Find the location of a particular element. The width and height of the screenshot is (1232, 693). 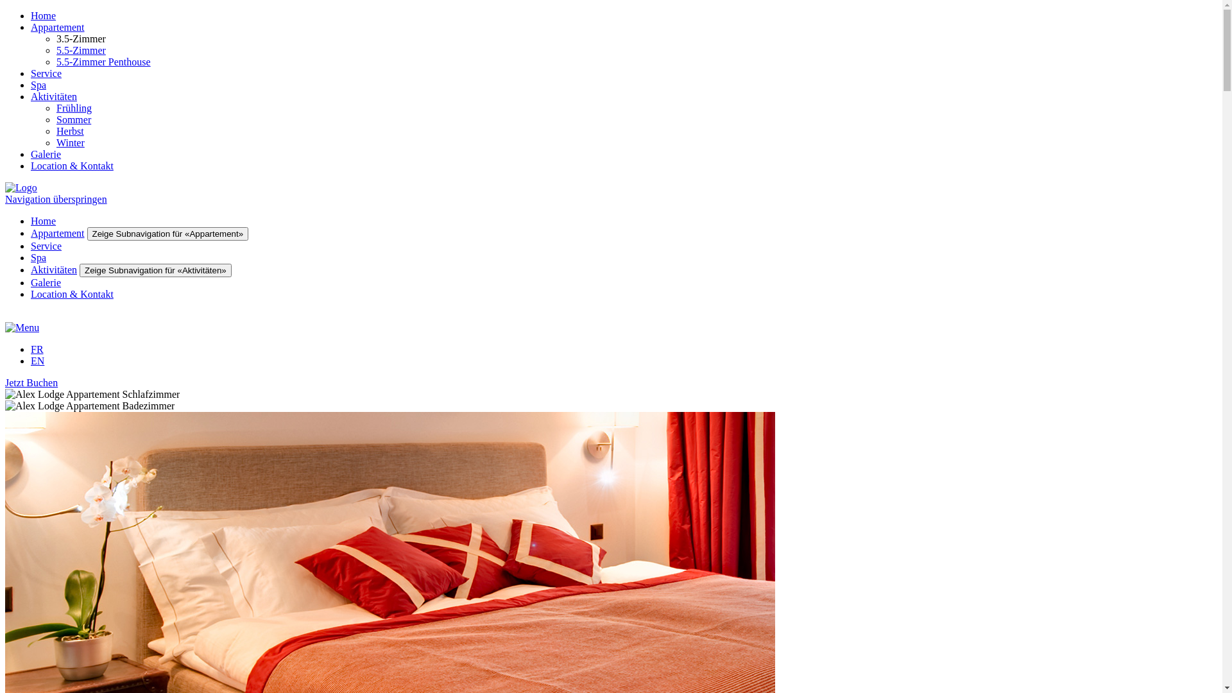

'Alex Lodge Appartement Schlafzimmer' is located at coordinates (5, 393).